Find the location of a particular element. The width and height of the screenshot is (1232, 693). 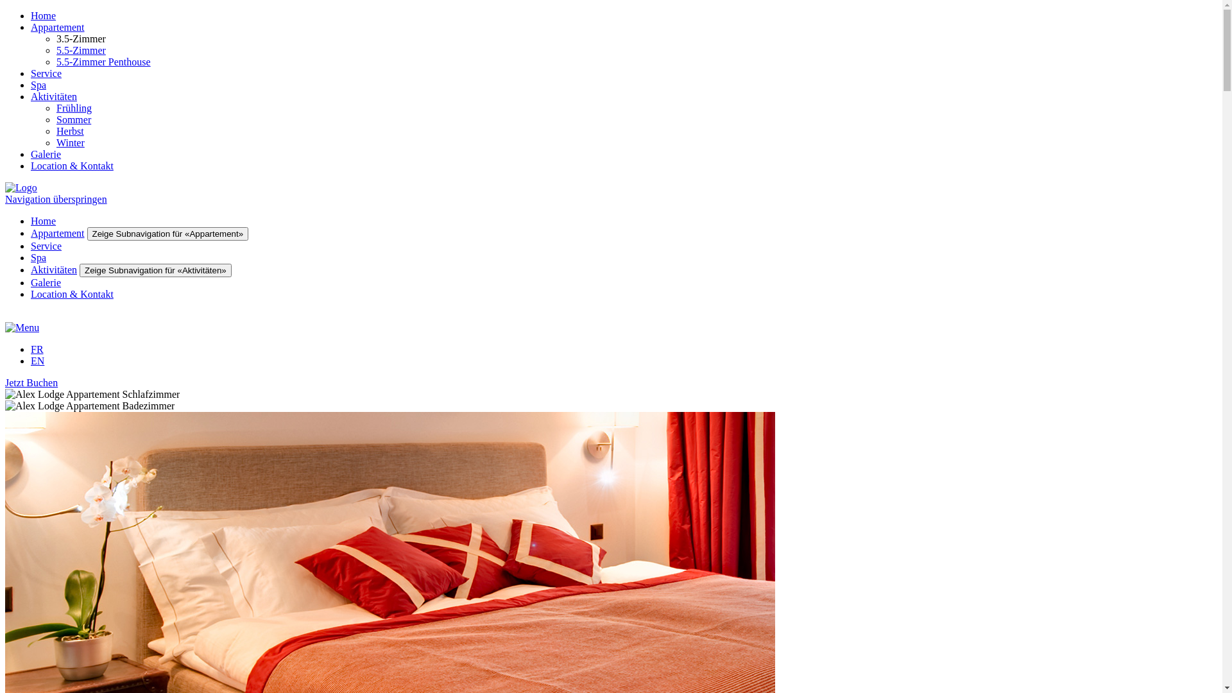

'Alex Lodge Appartement Schlafzimmer' is located at coordinates (5, 393).